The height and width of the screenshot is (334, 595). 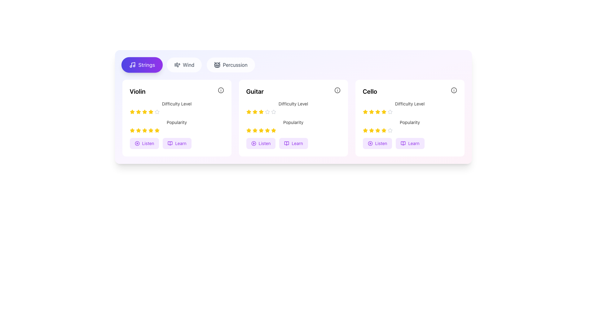 What do you see at coordinates (286, 143) in the screenshot?
I see `the open book-shaped SVG icon located within the 'Learn' button of the second card labeled 'Guitar'` at bounding box center [286, 143].